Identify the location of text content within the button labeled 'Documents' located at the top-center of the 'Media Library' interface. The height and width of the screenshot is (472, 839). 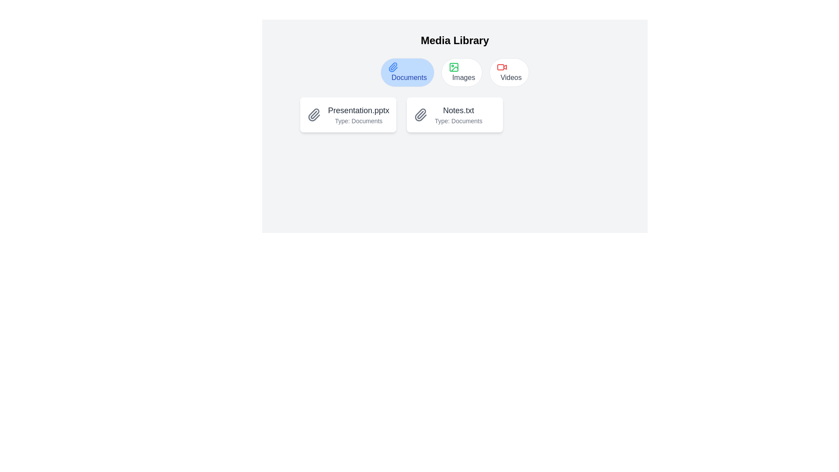
(409, 77).